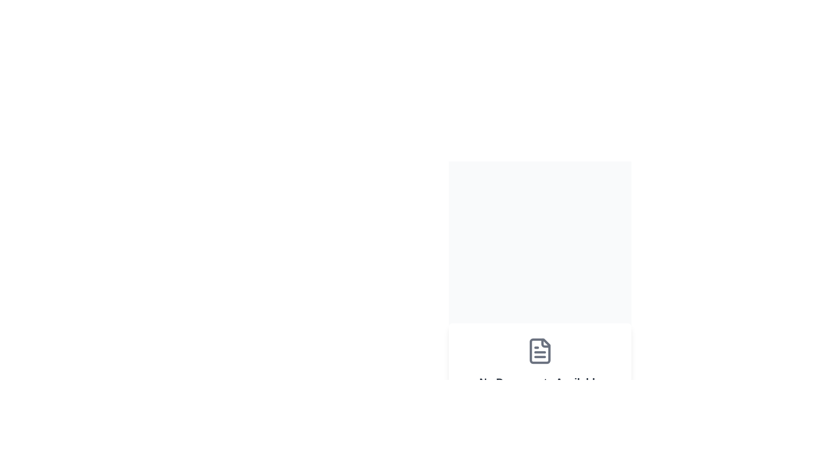 The height and width of the screenshot is (470, 835). What do you see at coordinates (540, 350) in the screenshot?
I see `the file-related action icon located centrally at the bottom center of the interface` at bounding box center [540, 350].